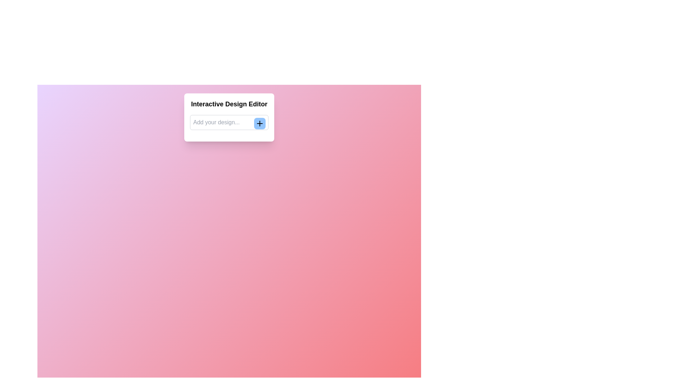 This screenshot has height=388, width=691. Describe the element at coordinates (259, 123) in the screenshot. I see `the plus icon button located on the rounded rectangular button with a blue background` at that location.